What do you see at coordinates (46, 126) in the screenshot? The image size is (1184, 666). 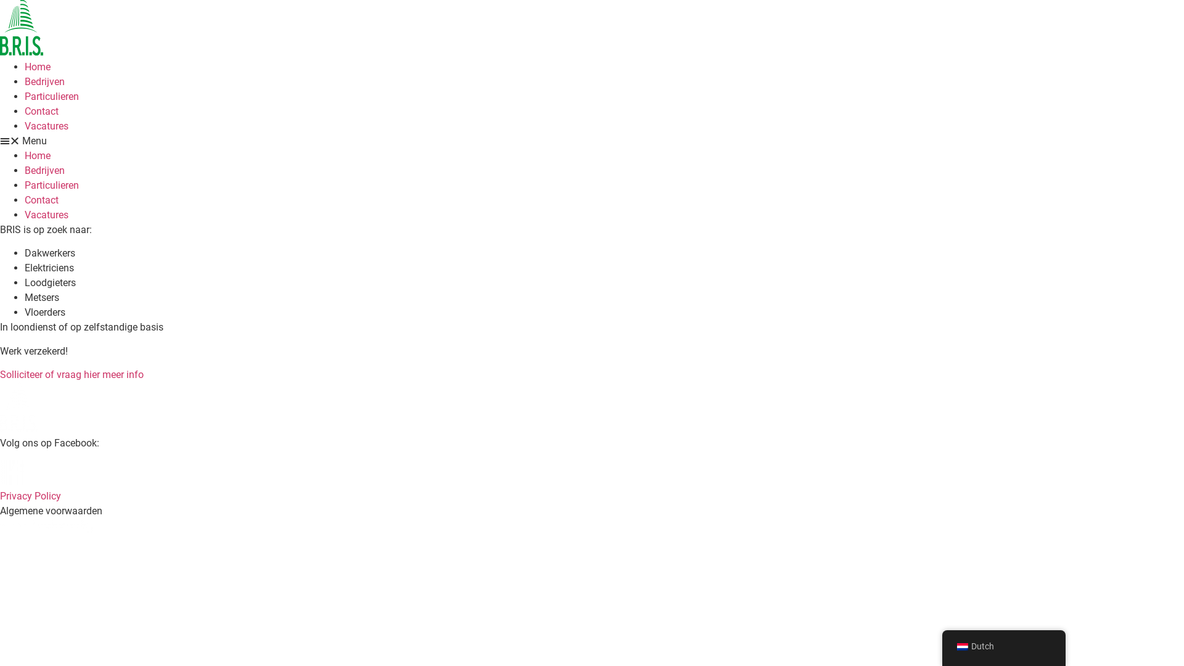 I see `'Vacatures'` at bounding box center [46, 126].